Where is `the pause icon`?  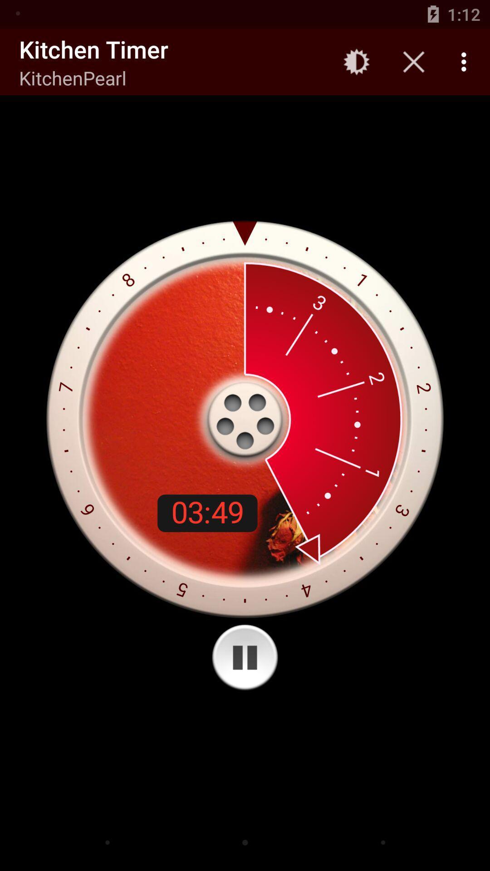
the pause icon is located at coordinates (245, 657).